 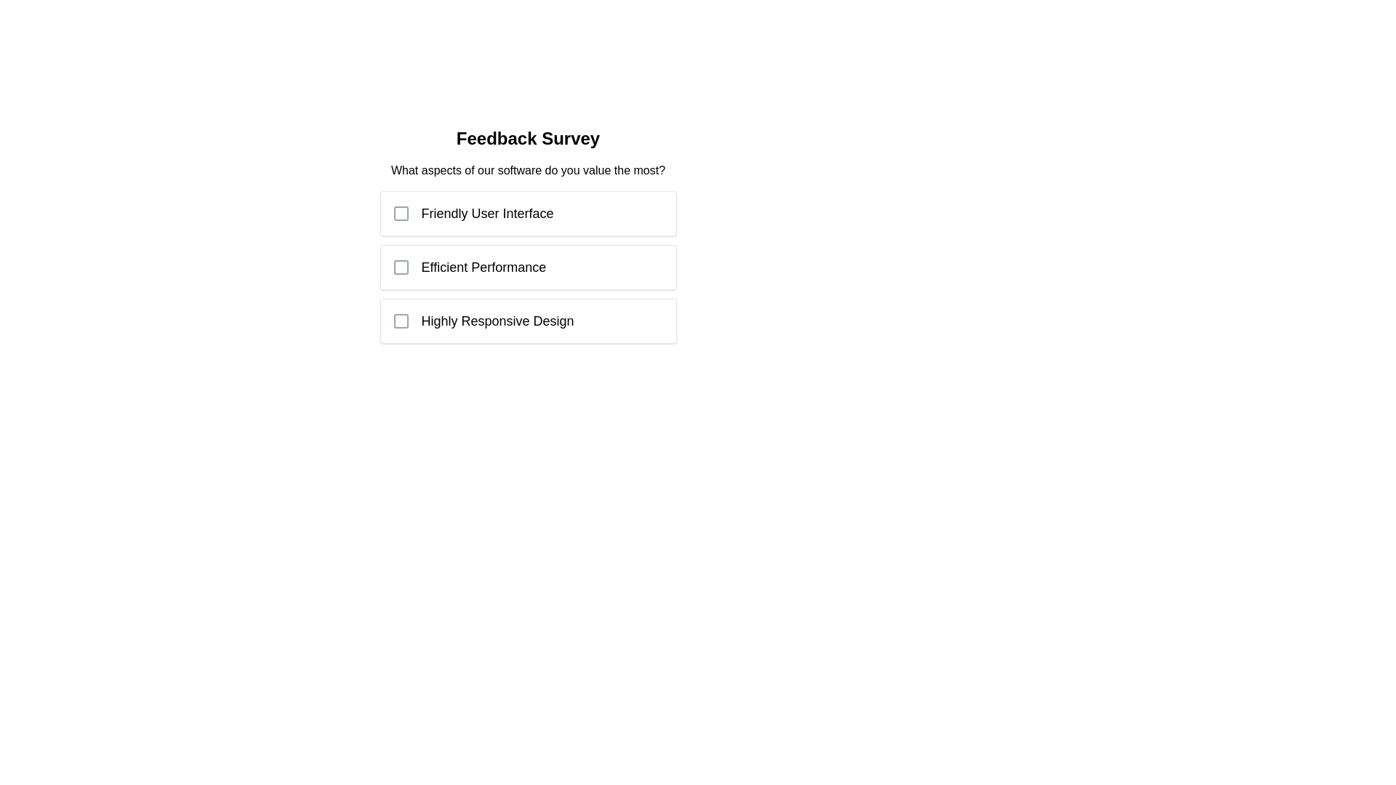 What do you see at coordinates (401, 321) in the screenshot?
I see `the inner square subcomponent of the checkbox next to the text 'Highly Responsive Design', which is the third option in the list` at bounding box center [401, 321].